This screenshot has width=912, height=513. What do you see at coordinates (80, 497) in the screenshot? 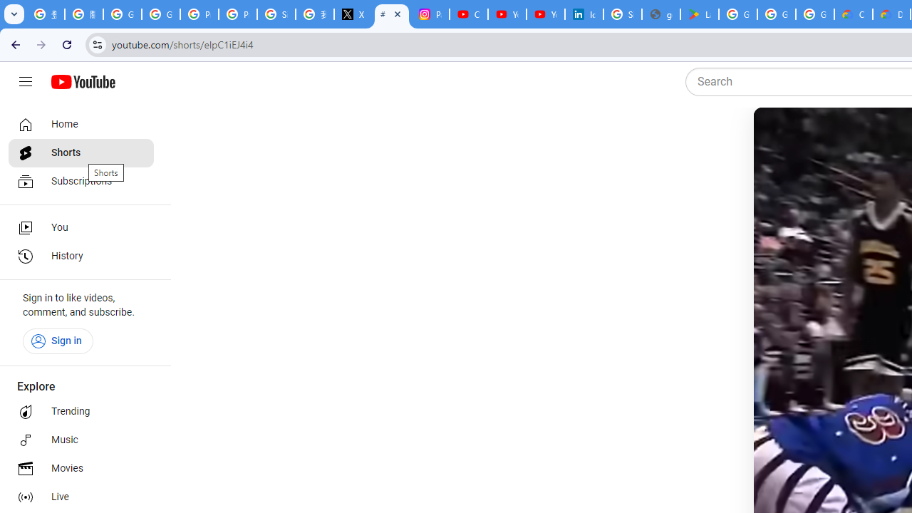
I see `'Live'` at bounding box center [80, 497].